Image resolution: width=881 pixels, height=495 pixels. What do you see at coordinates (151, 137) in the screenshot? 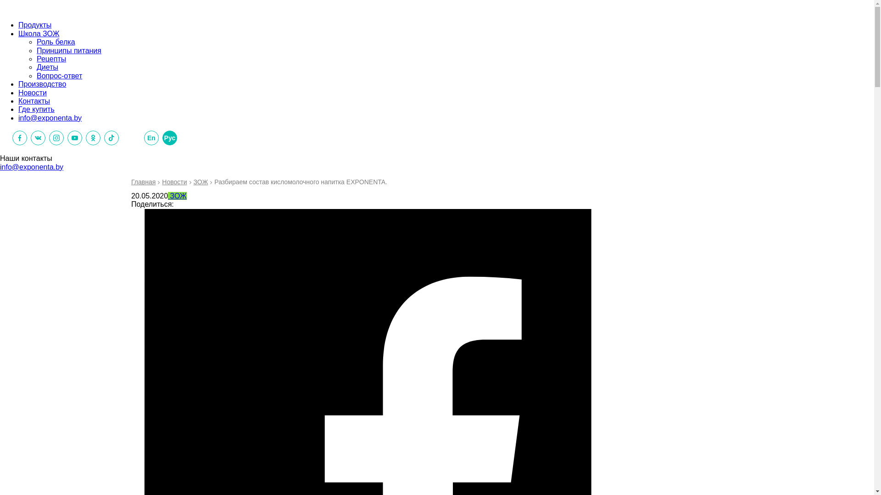
I see `'En'` at bounding box center [151, 137].